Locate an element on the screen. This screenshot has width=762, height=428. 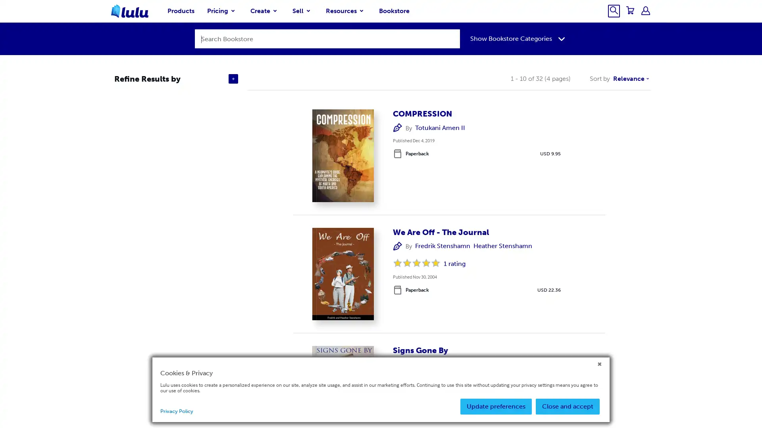
Choose 1 stars is located at coordinates (398, 263).